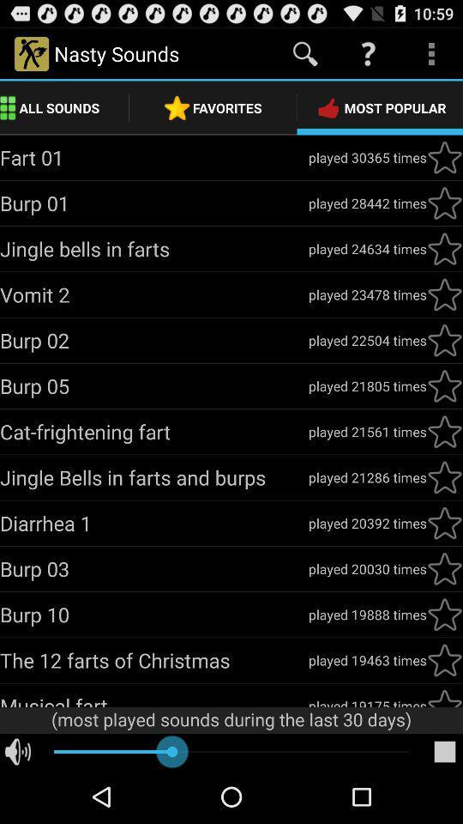 The height and width of the screenshot is (824, 463). I want to click on the played 20030 times app, so click(366, 568).